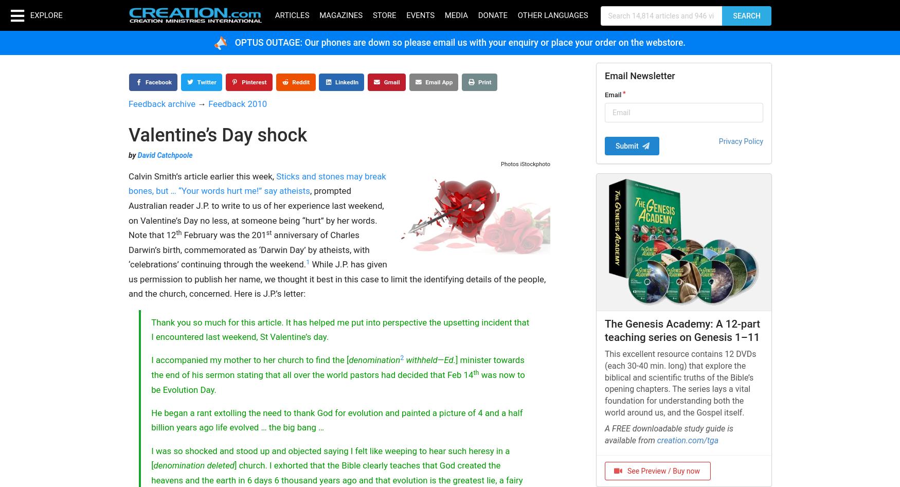  Describe the element at coordinates (268, 232) in the screenshot. I see `'st'` at that location.